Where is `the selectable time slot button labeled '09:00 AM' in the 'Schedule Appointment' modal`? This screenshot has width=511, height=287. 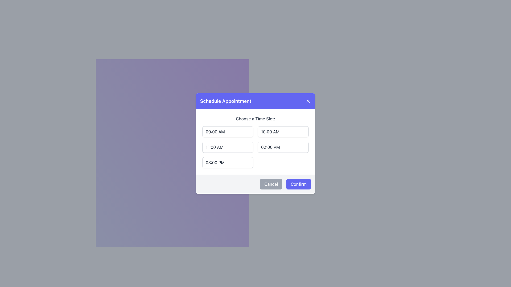
the selectable time slot button labeled '09:00 AM' in the 'Schedule Appointment' modal is located at coordinates (215, 132).